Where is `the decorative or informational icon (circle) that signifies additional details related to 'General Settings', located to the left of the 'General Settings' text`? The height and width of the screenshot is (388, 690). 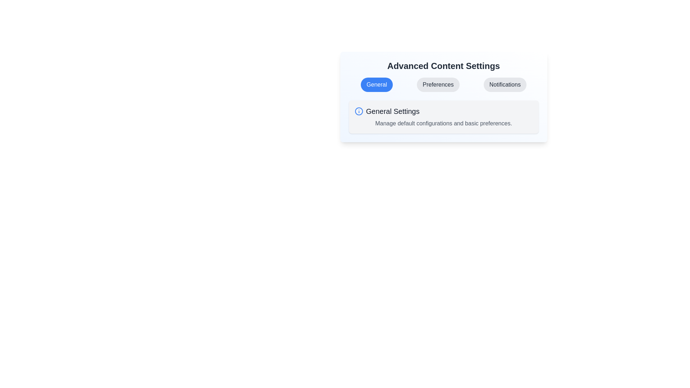 the decorative or informational icon (circle) that signifies additional details related to 'General Settings', located to the left of the 'General Settings' text is located at coordinates (359, 111).